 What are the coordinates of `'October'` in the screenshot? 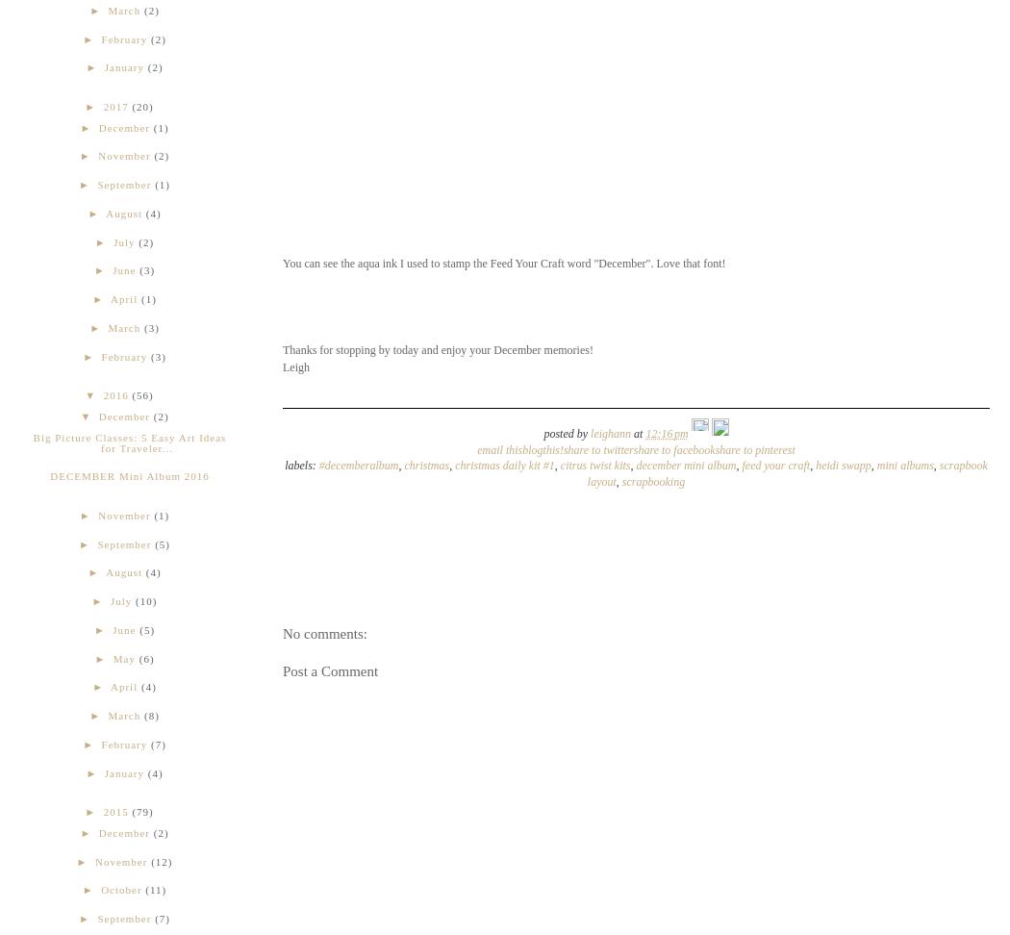 It's located at (120, 888).